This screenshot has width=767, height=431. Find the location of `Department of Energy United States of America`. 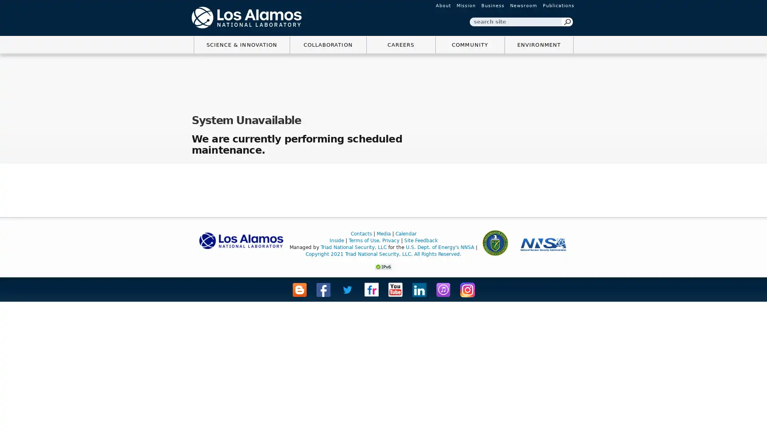

Department of Energy United States of America is located at coordinates (494, 242).